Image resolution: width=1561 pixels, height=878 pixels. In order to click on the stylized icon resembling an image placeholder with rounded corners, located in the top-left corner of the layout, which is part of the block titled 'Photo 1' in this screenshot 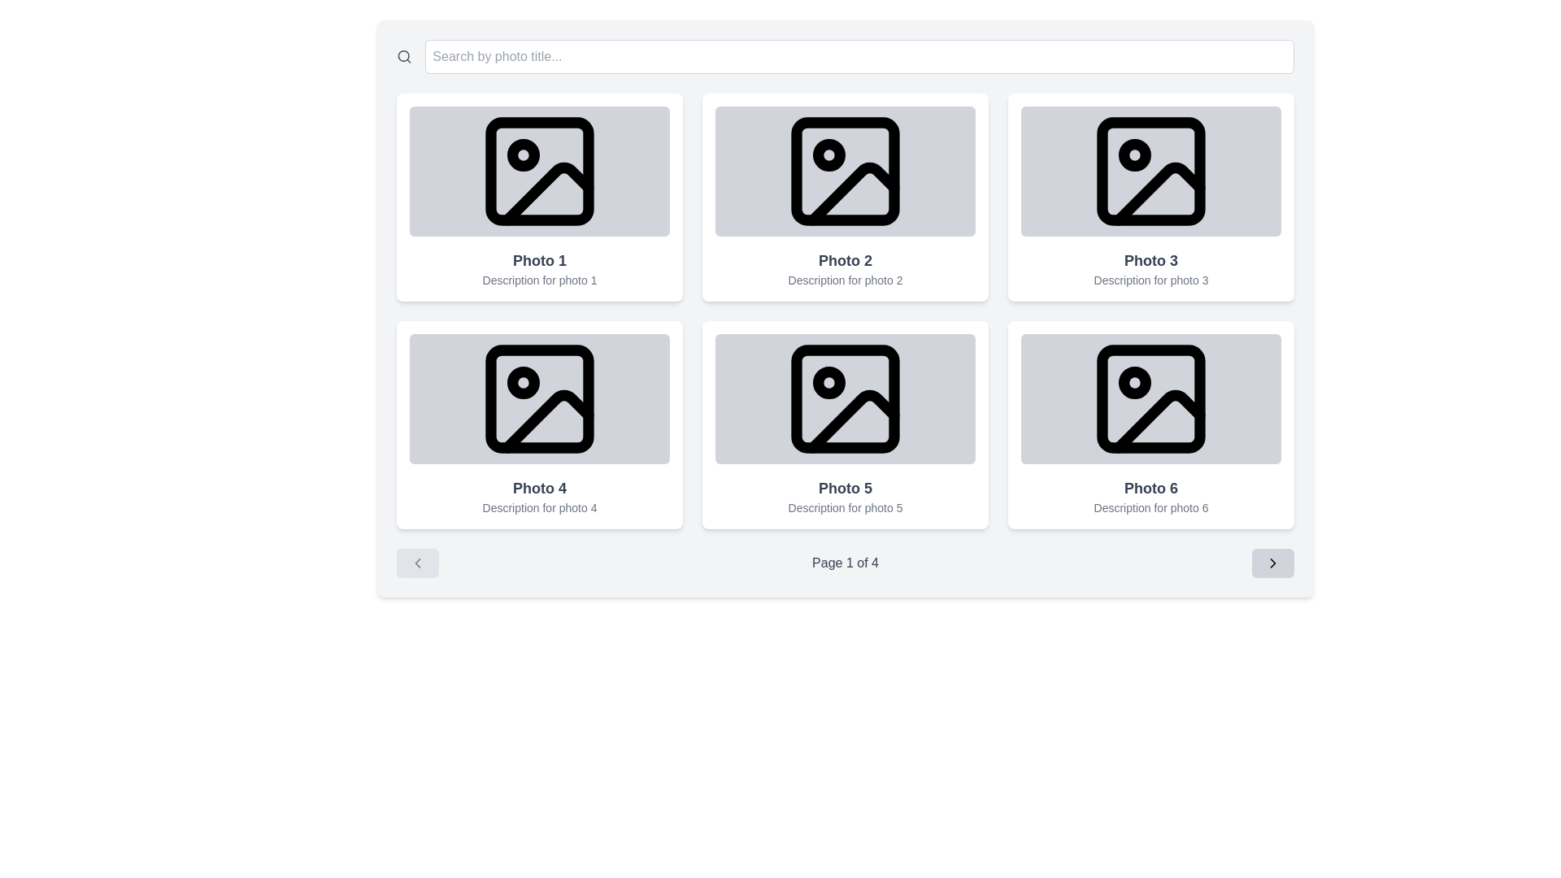, I will do `click(539, 172)`.